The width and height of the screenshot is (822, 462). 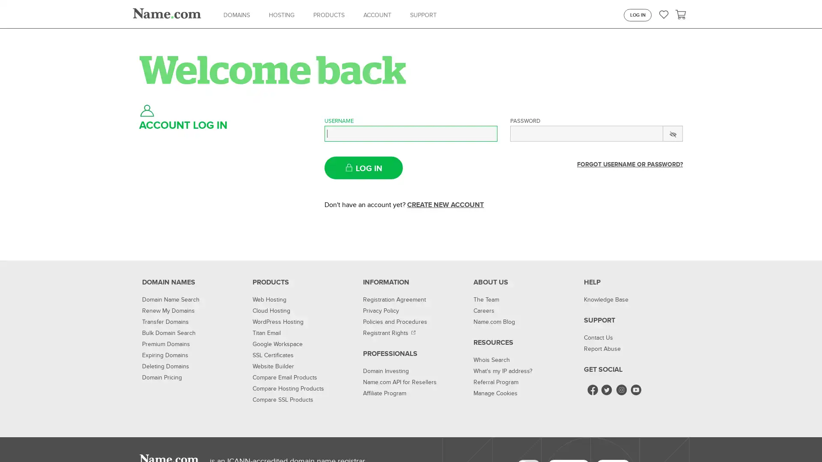 What do you see at coordinates (363, 168) in the screenshot?
I see `LOG IN` at bounding box center [363, 168].